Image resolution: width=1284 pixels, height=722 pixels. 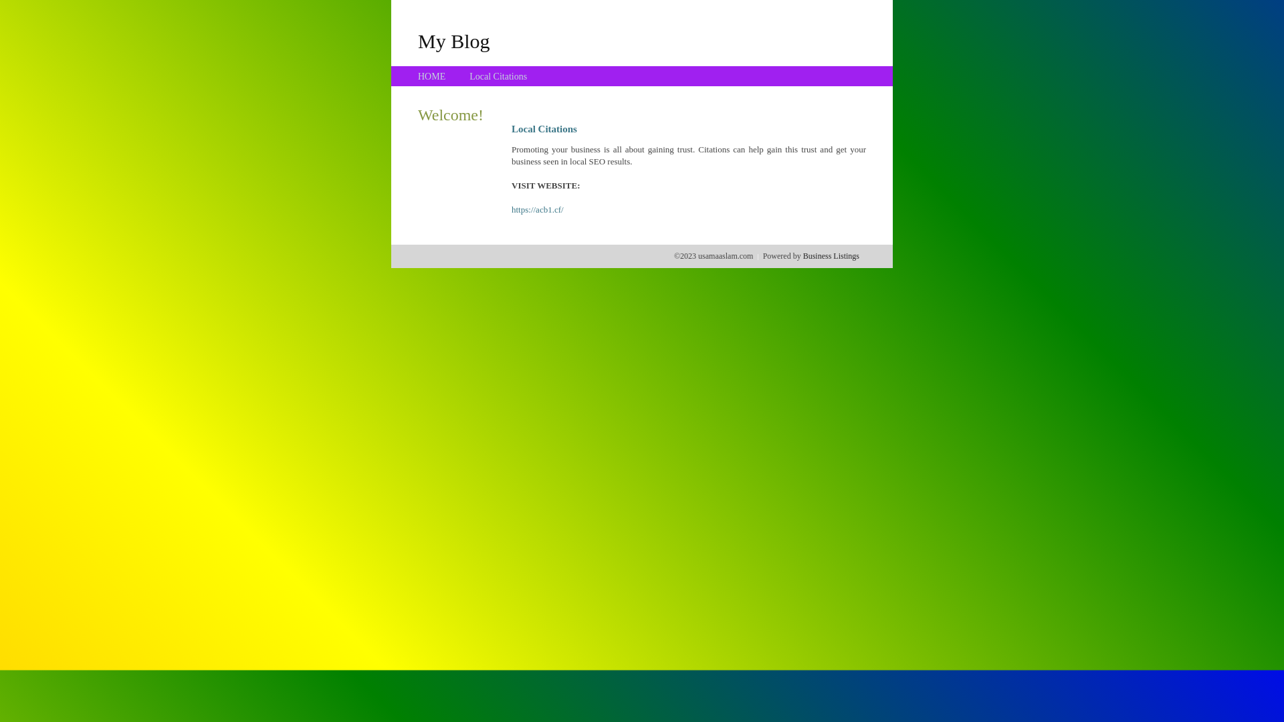 I want to click on 'HOME', so click(x=431, y=76).